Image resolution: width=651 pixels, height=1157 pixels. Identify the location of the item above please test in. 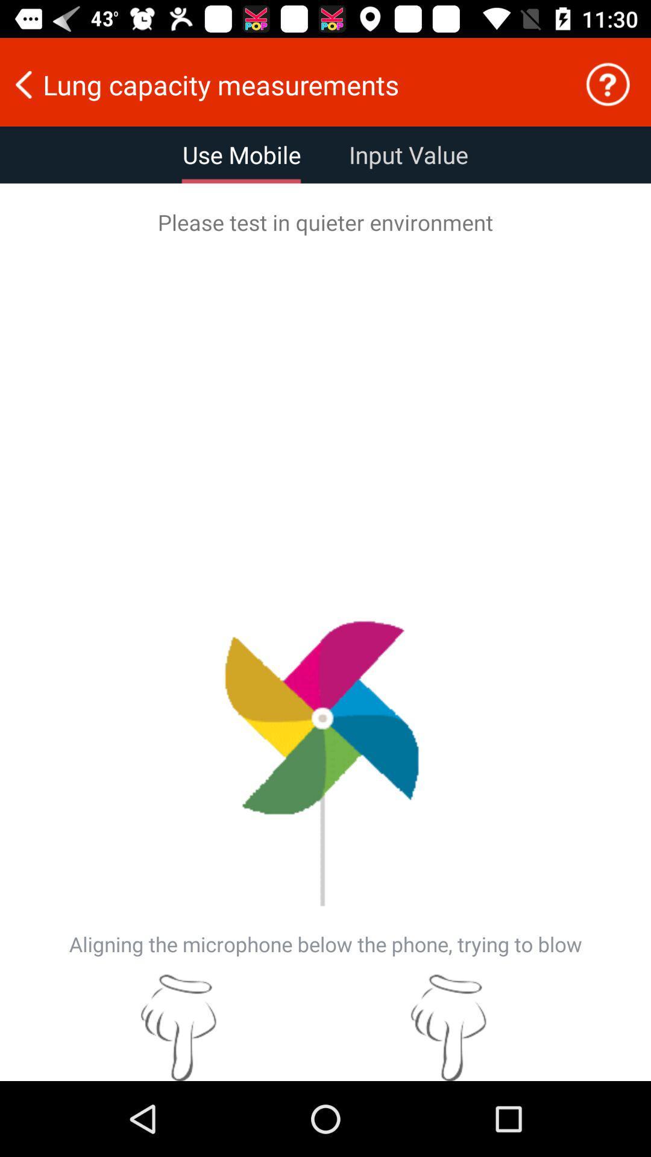
(242, 154).